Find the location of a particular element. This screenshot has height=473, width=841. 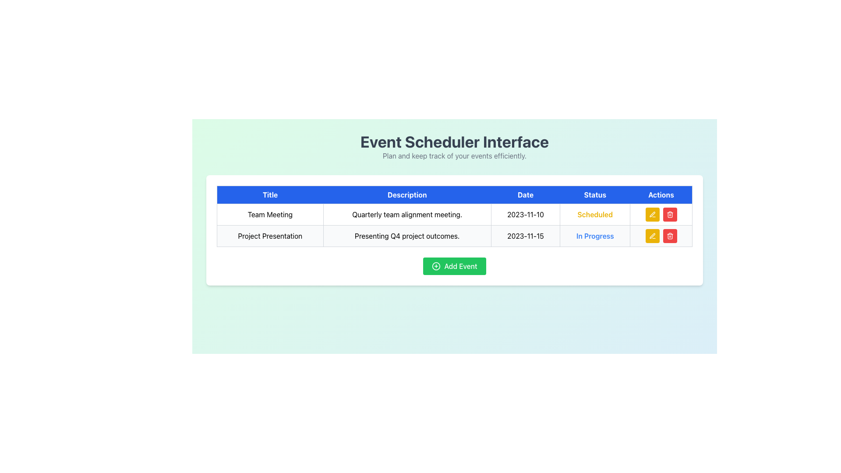

the trash bin icon located on the rightmost side under the 'Actions' column in the table view is located at coordinates (669, 214).